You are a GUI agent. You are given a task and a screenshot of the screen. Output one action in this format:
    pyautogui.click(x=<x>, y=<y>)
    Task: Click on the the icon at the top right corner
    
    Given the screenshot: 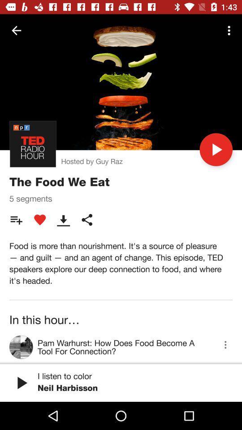 What is the action you would take?
    pyautogui.click(x=230, y=30)
    